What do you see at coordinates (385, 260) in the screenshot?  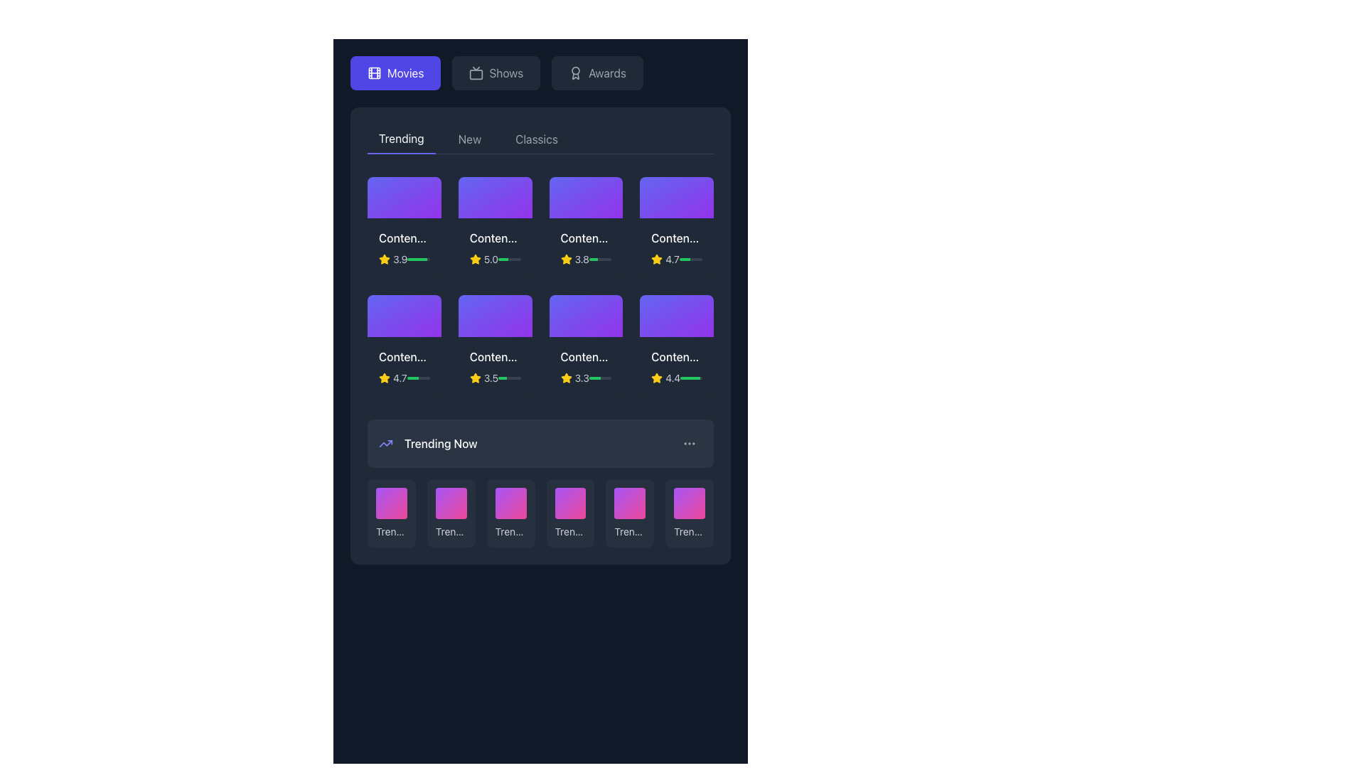 I see `the yellow star icon used for ratings located to the left of the numerical rating '3.9' in the 'Trending' section` at bounding box center [385, 260].